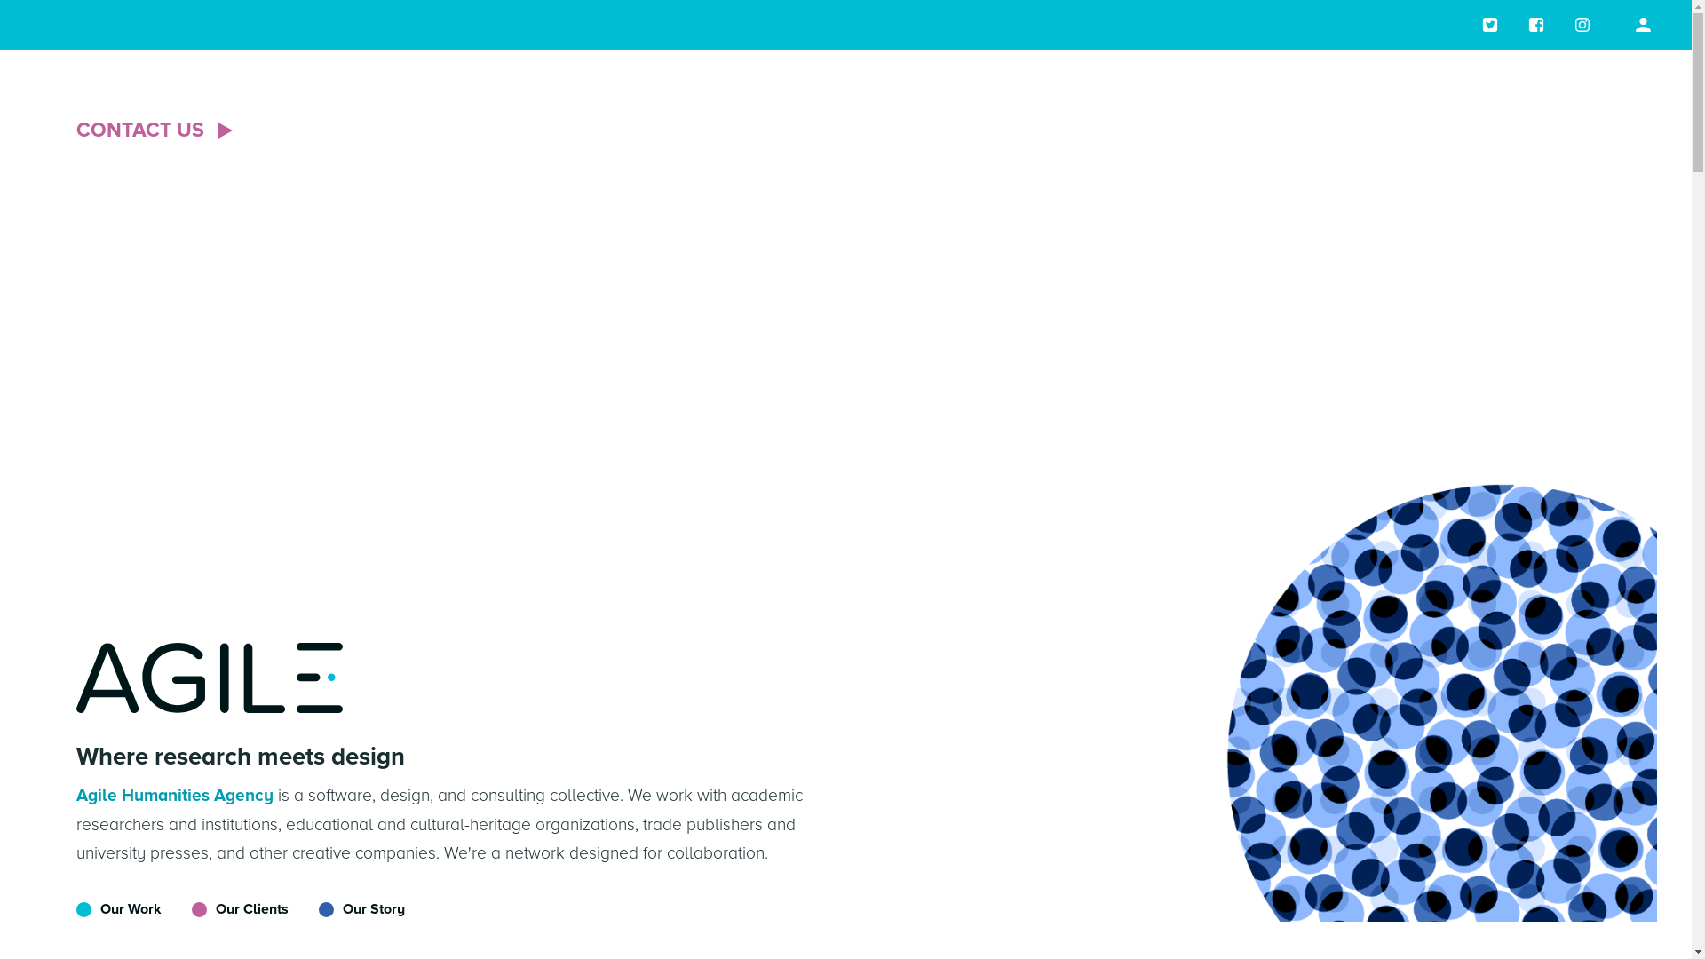 This screenshot has width=1705, height=959. What do you see at coordinates (75, 908) in the screenshot?
I see `'Our Work'` at bounding box center [75, 908].